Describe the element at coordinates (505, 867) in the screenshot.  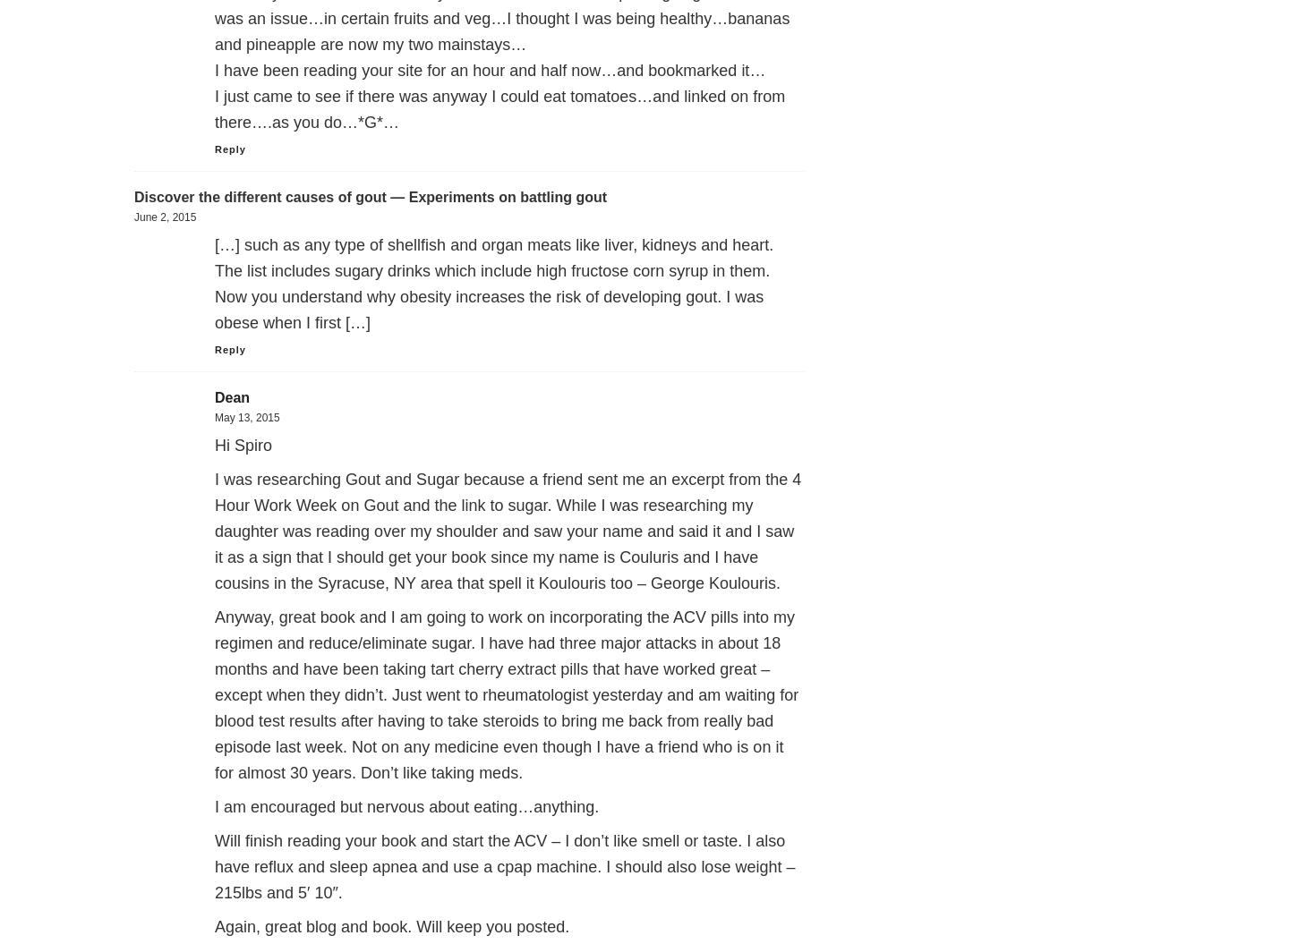
I see `'Will finish reading your book and start the ACV – I don’t like smell or taste. I also have reflux and sleep apnea and use a cpap machine. I should also lose weight – 215lbs and 5′ 10″.'` at that location.